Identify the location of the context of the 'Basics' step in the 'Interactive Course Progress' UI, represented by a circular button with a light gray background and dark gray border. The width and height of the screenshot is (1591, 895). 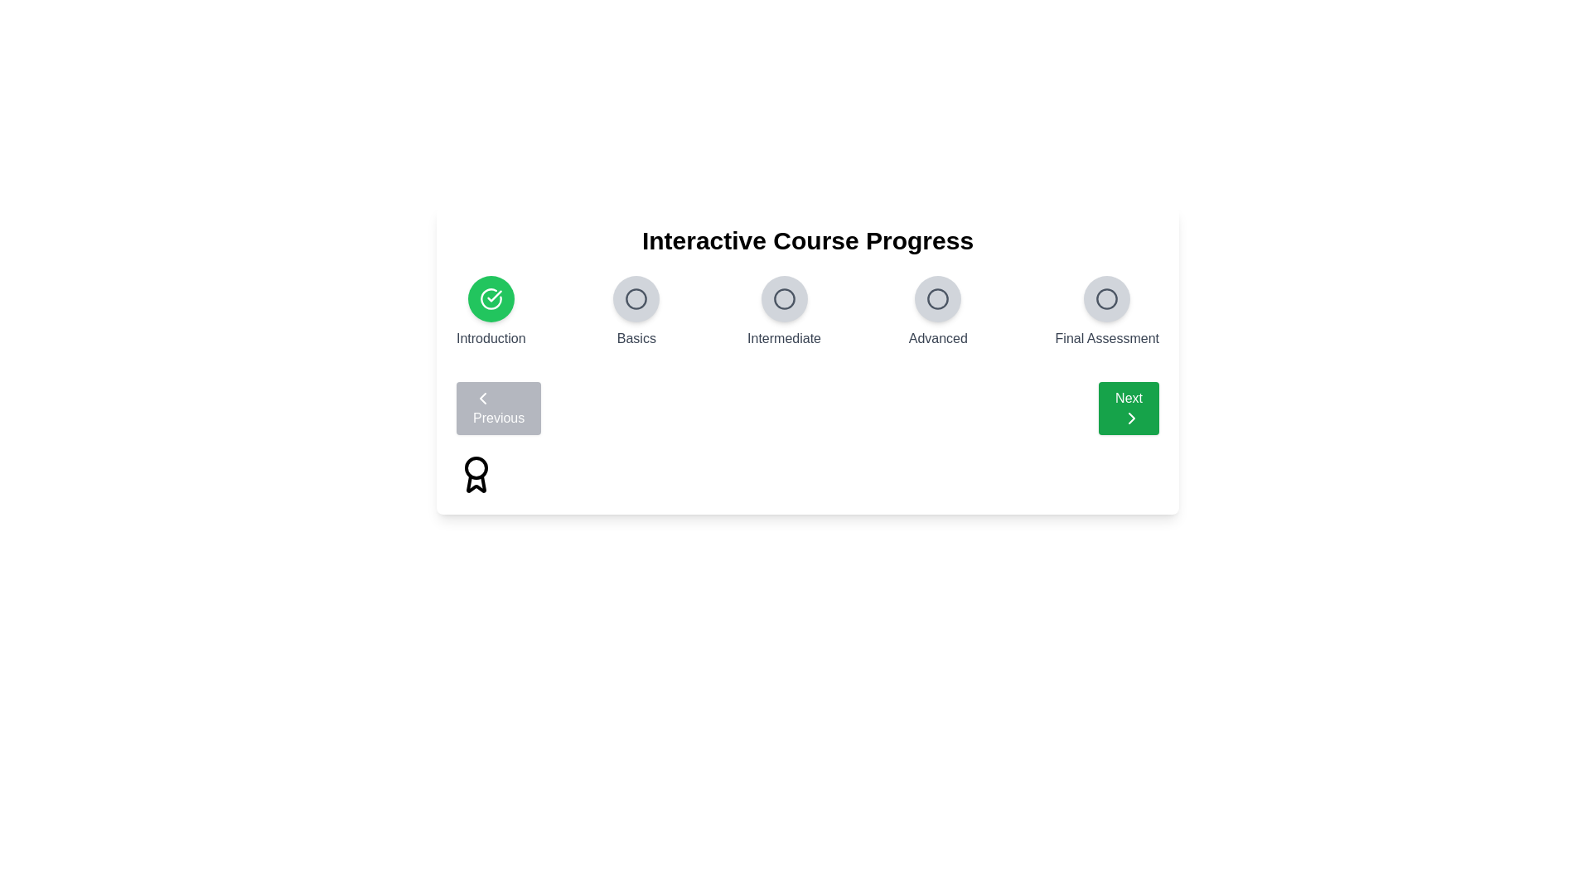
(636, 299).